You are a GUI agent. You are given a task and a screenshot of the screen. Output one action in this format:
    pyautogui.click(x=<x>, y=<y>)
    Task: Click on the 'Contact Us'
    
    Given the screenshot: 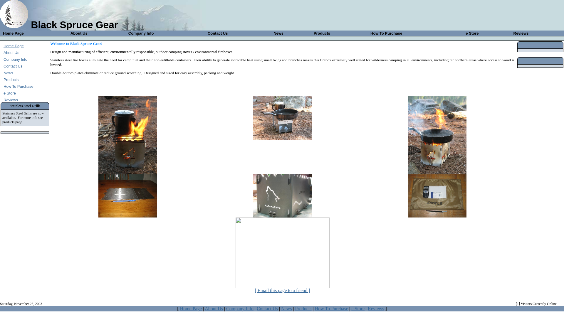 What is the action you would take?
    pyautogui.click(x=217, y=33)
    